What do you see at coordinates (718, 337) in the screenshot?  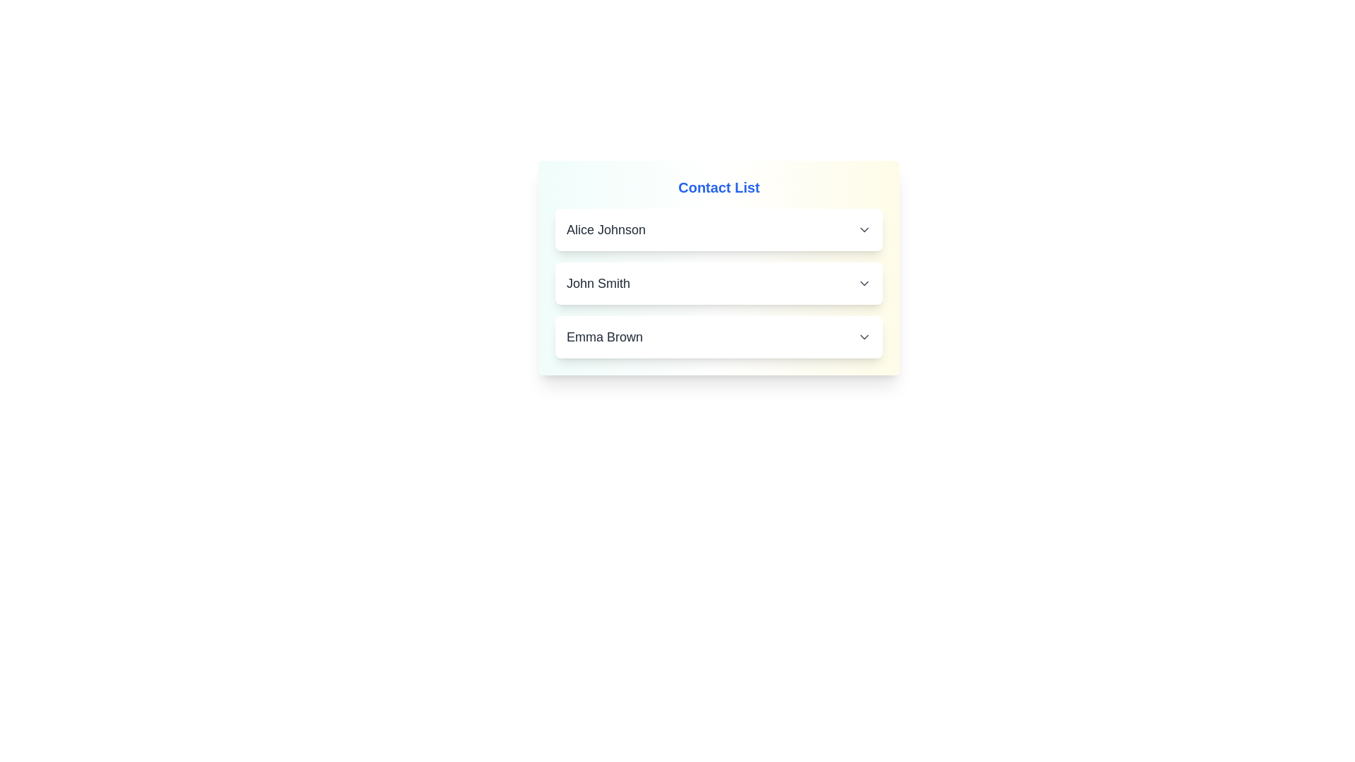 I see `the contact name Emma Brown to reveal its details` at bounding box center [718, 337].